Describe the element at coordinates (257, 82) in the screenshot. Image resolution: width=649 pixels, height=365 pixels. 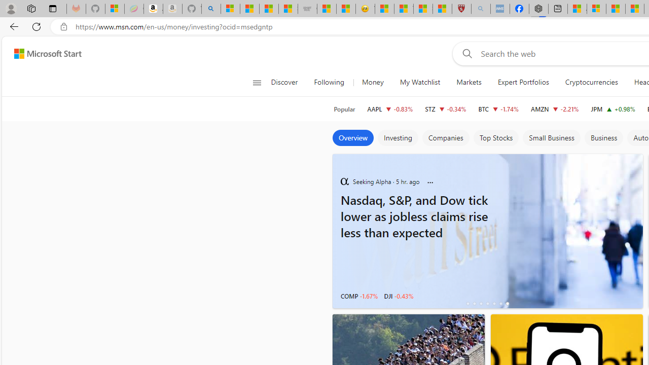
I see `'Open navigation menu'` at that location.